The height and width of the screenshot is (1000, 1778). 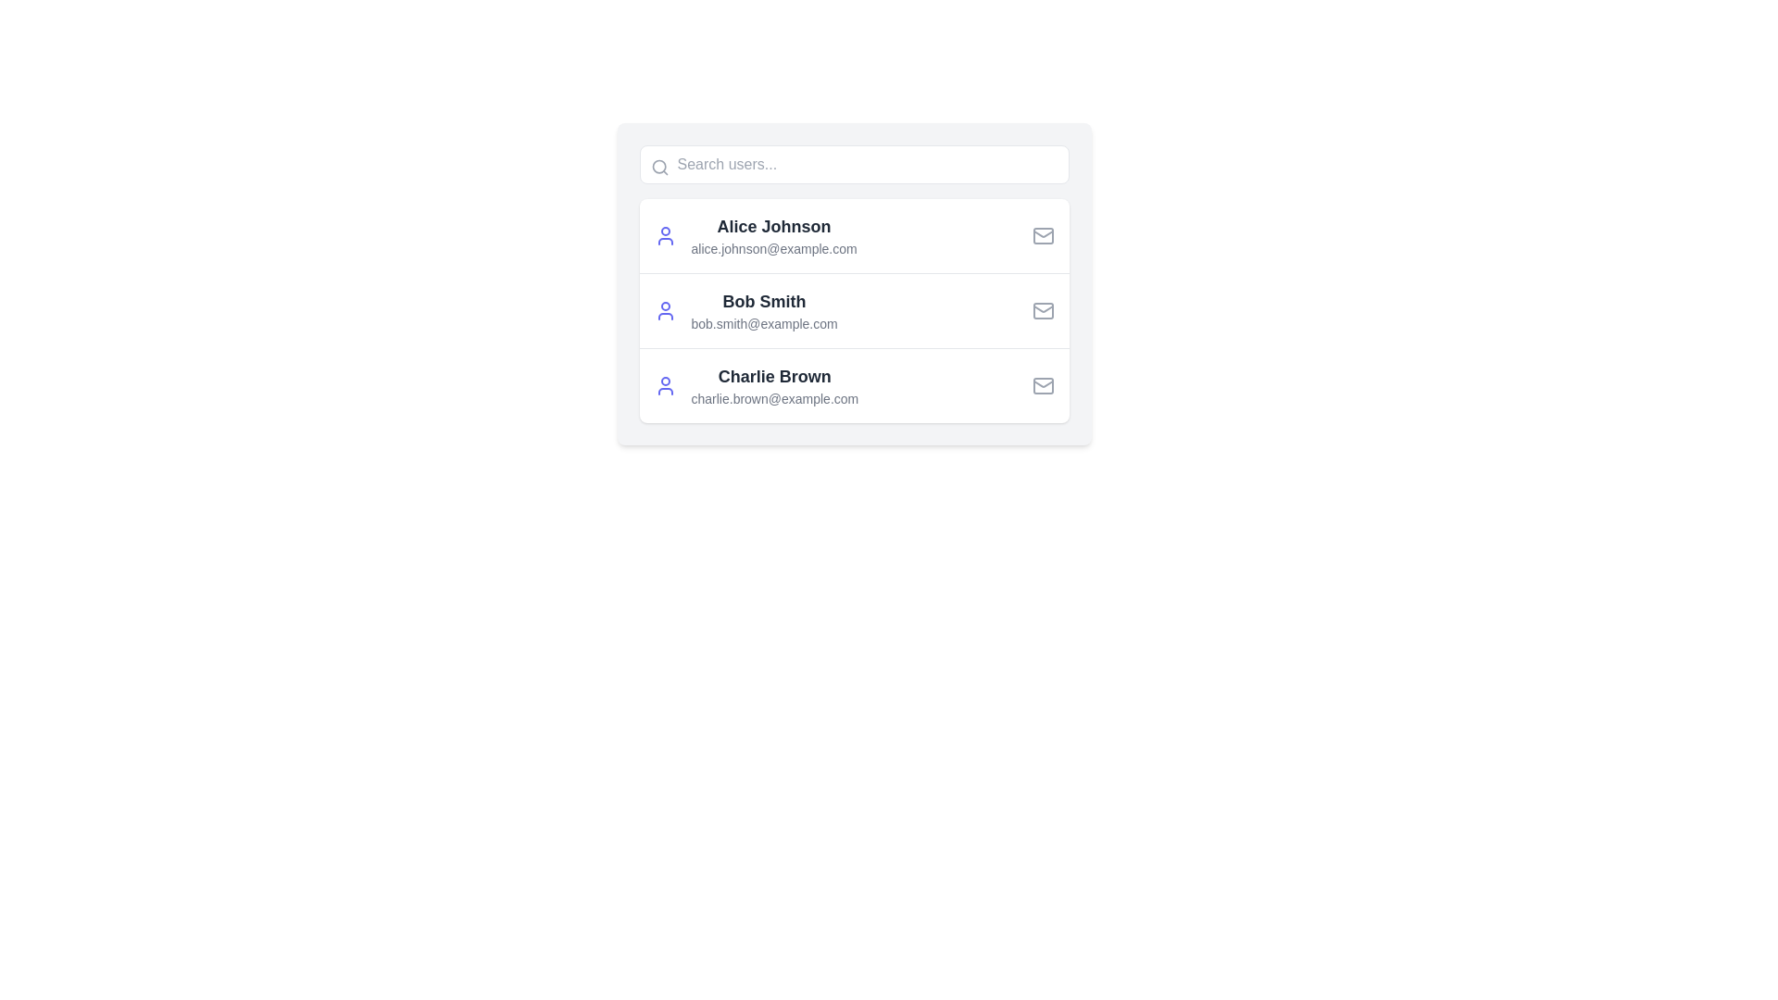 What do you see at coordinates (853, 309) in the screenshot?
I see `the second row List Item displaying the name 'Bob Smith' and email 'bob.smith@example.com', which is located in a vertically stacked list of user entries` at bounding box center [853, 309].